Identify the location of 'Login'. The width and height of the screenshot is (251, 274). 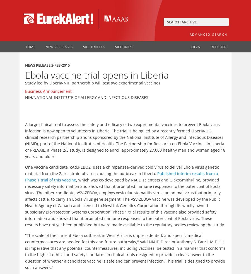
(195, 47).